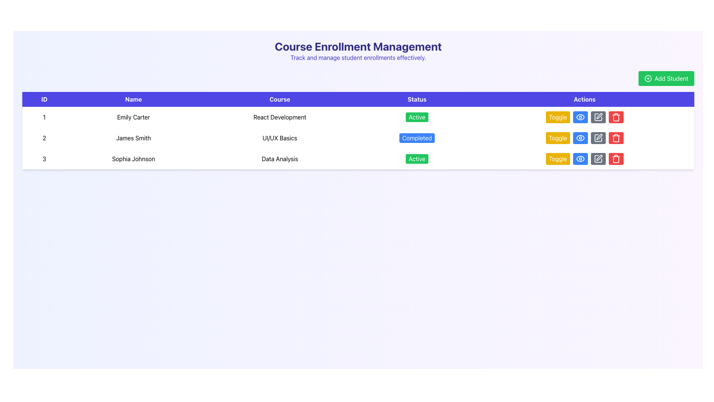 The height and width of the screenshot is (402, 714). I want to click on the red button with a trash can icon to observe the hover effect, so click(616, 138).